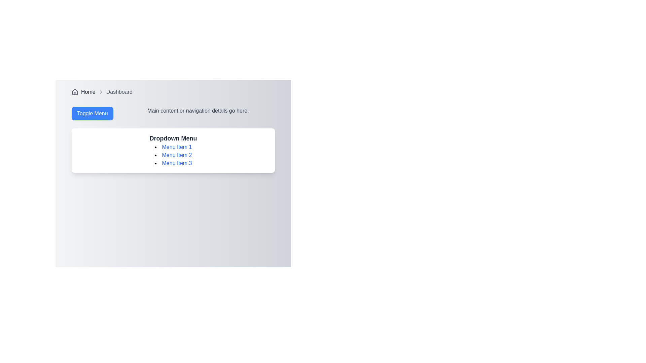 This screenshot has height=363, width=646. Describe the element at coordinates (177, 163) in the screenshot. I see `the Anchor link in the 'Dropdown Menu'` at that location.